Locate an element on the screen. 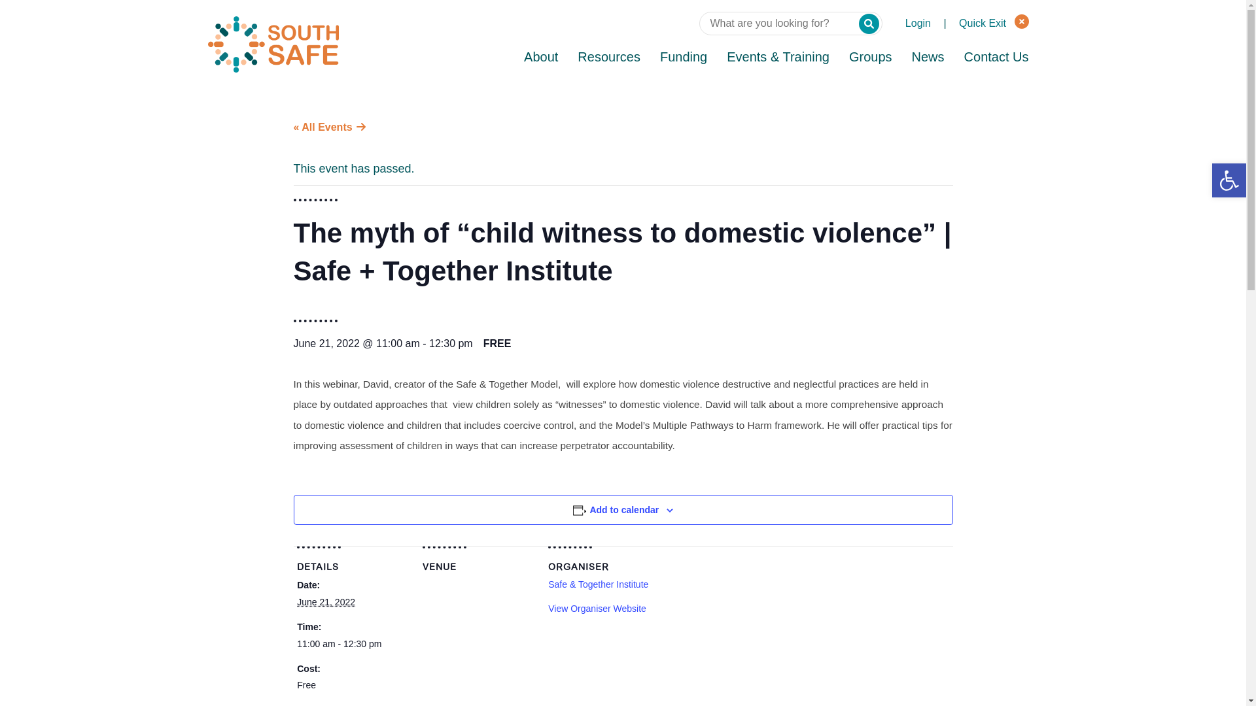  'News' is located at coordinates (928, 57).